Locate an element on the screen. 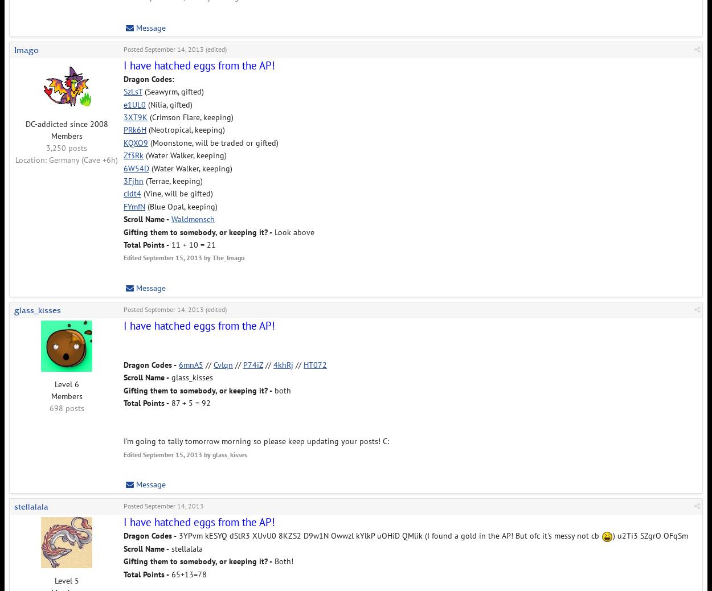  'Level 6' is located at coordinates (54, 383).